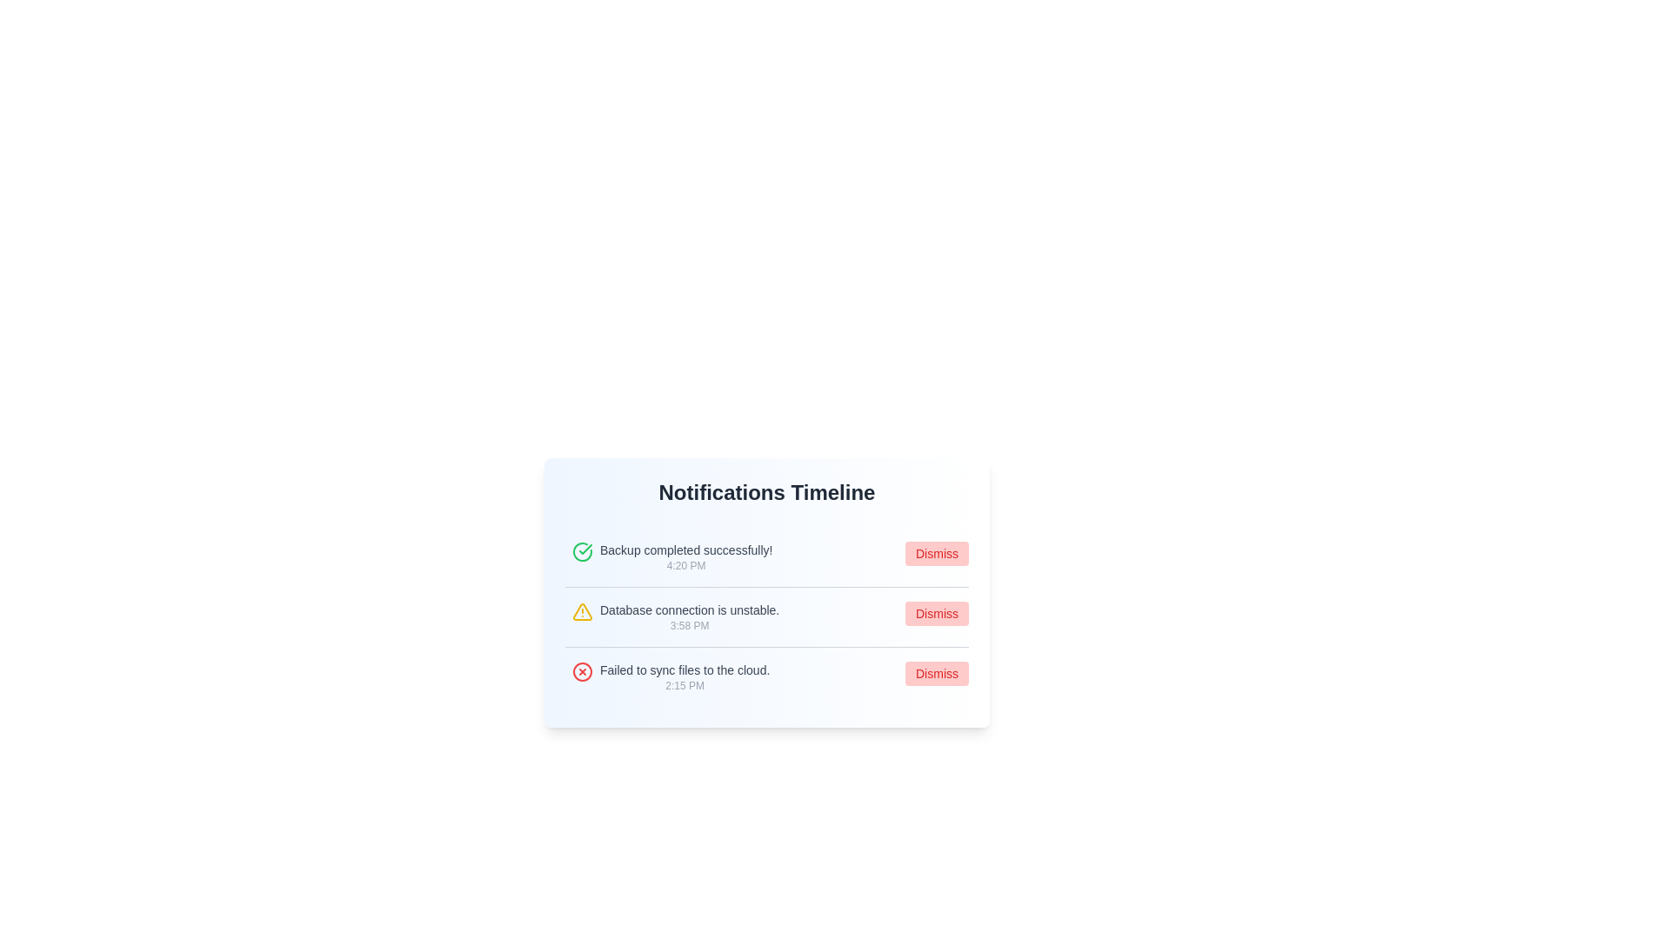  I want to click on the 'Dismiss' button with a red background, so click(936, 612).